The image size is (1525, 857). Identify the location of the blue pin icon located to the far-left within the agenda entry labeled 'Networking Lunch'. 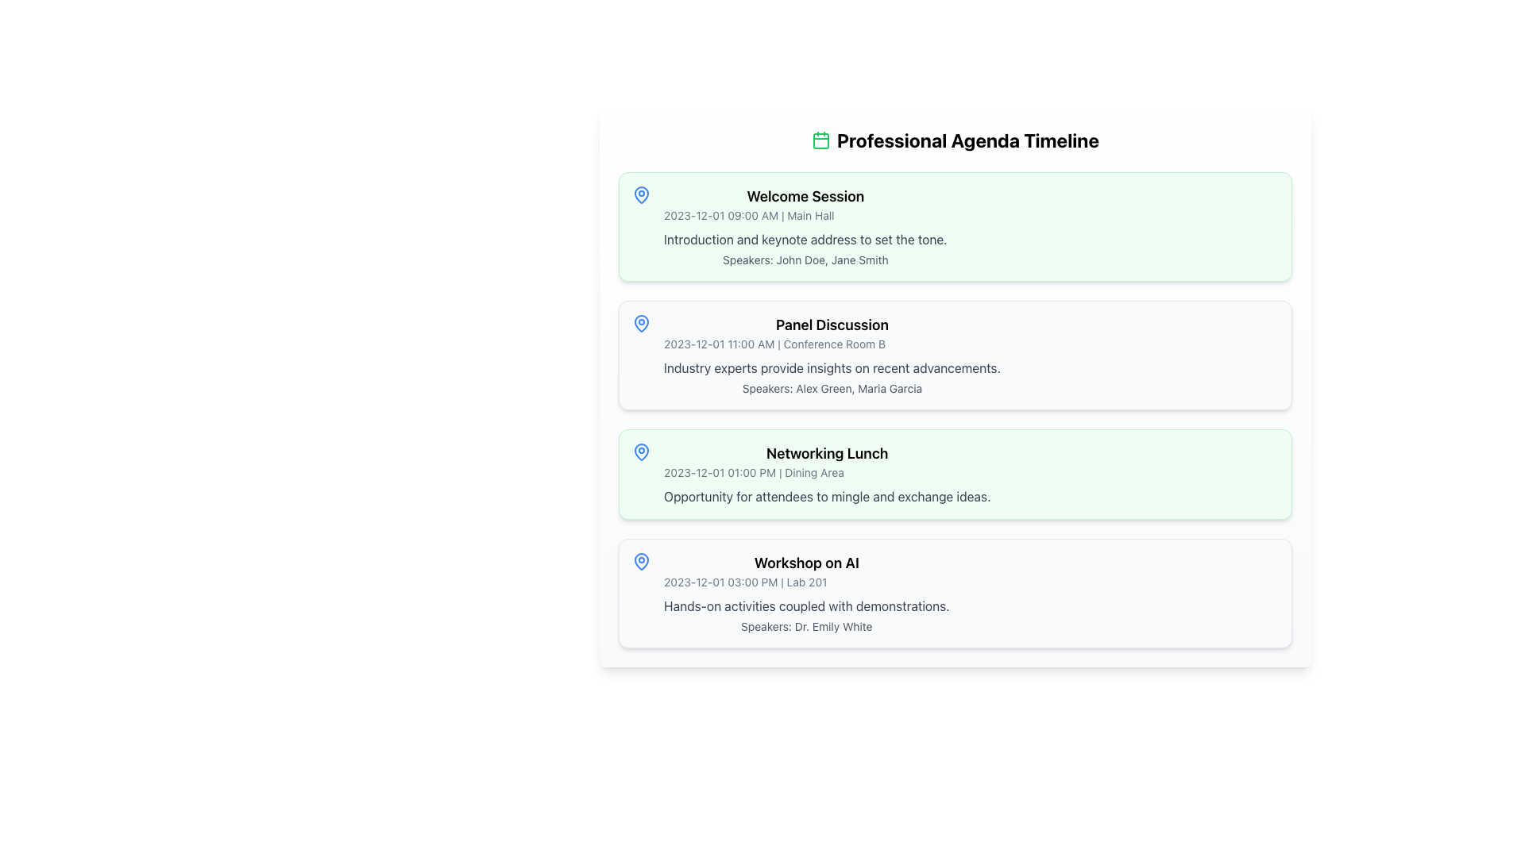
(641, 452).